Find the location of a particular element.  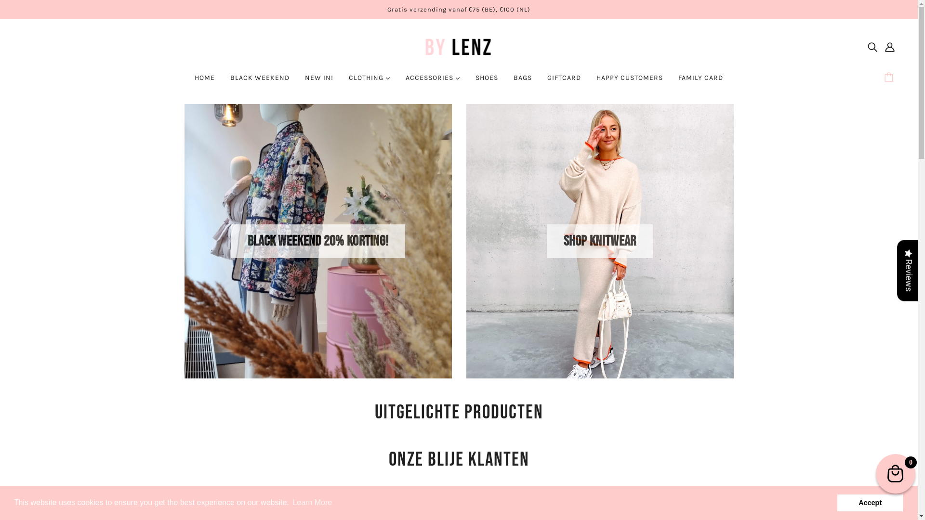

'BAGS' is located at coordinates (522, 81).